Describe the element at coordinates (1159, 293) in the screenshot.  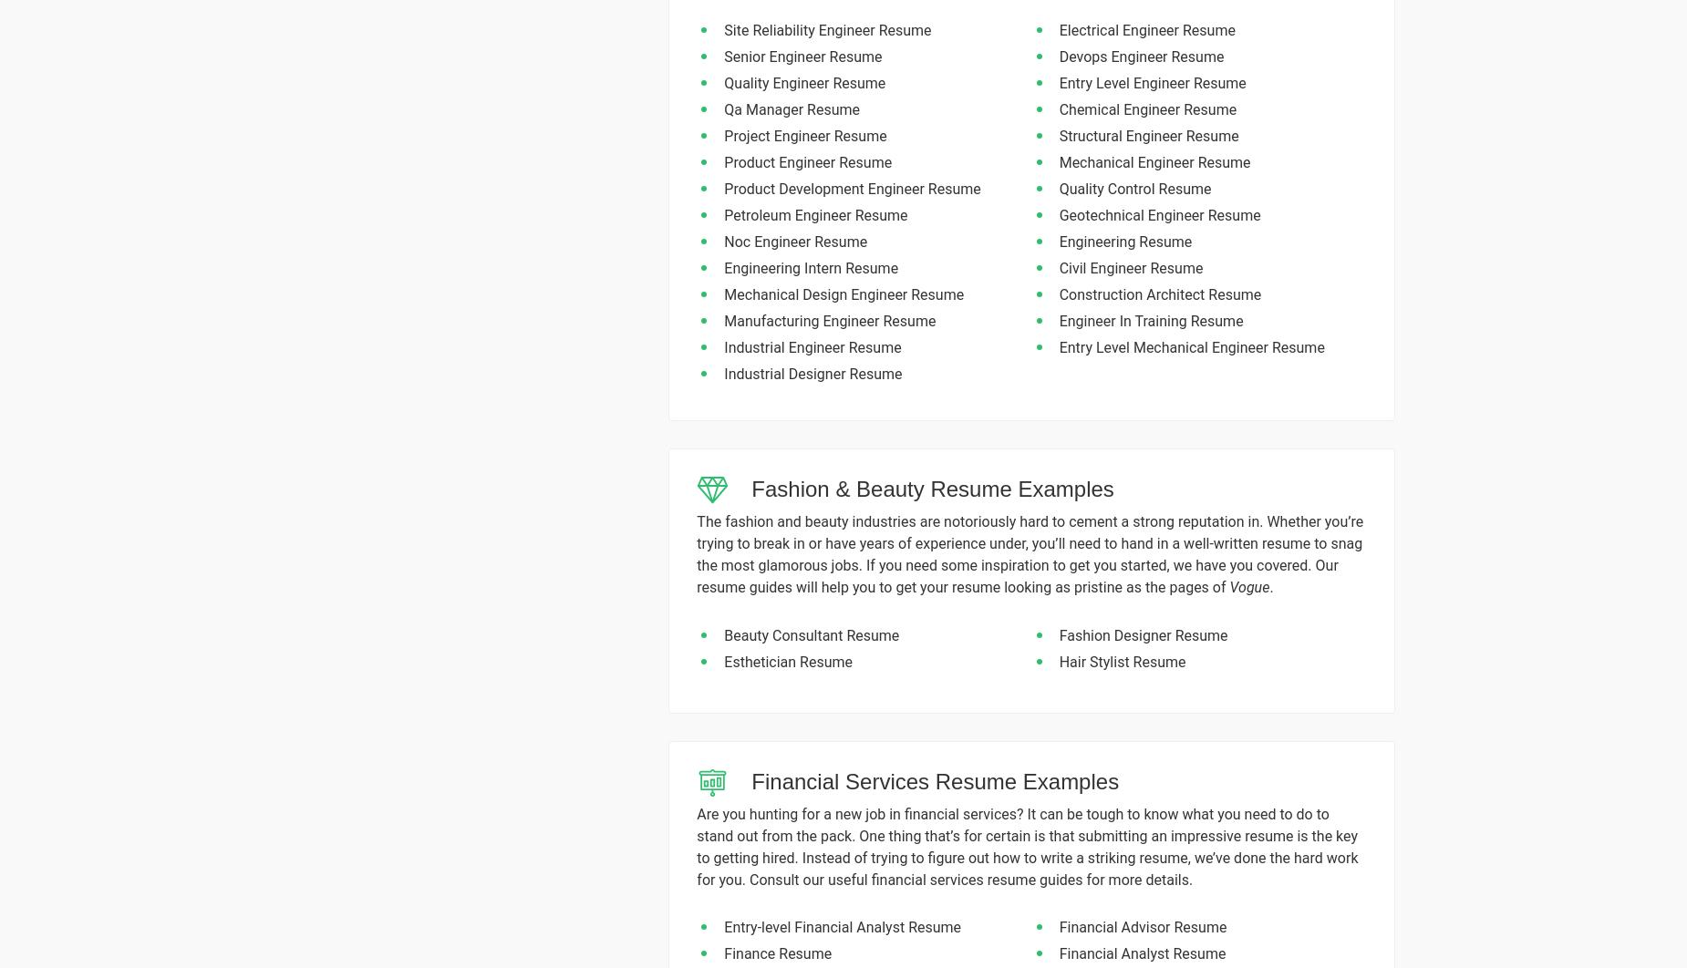
I see `'Construction Architect Resume'` at that location.